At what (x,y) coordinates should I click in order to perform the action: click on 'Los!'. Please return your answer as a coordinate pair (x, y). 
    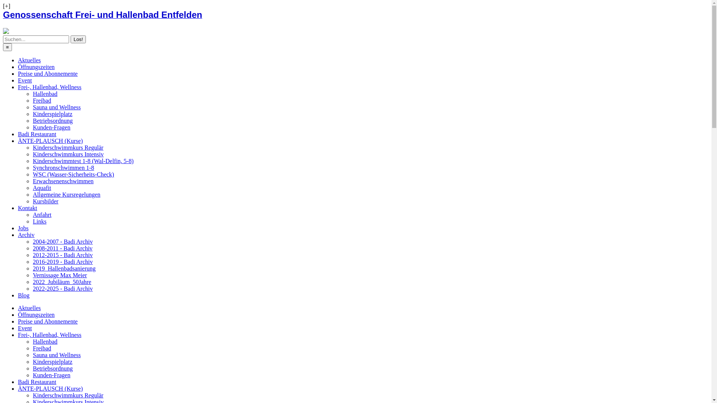
    Looking at the image, I should click on (78, 39).